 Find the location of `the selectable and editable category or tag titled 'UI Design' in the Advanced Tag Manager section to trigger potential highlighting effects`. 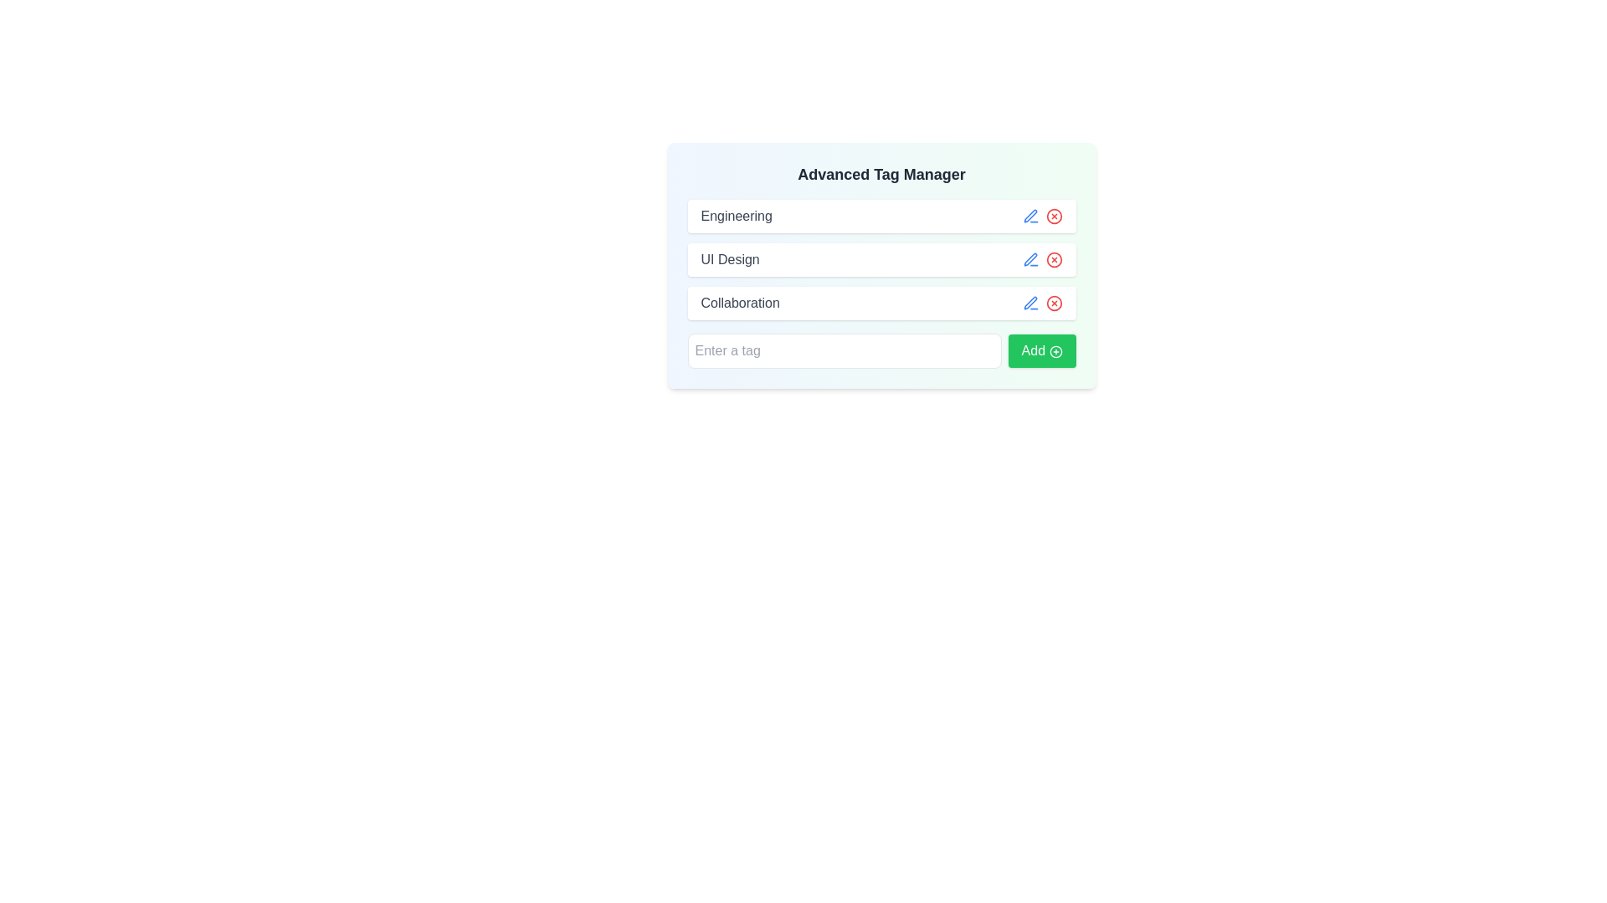

the selectable and editable category or tag titled 'UI Design' in the Advanced Tag Manager section to trigger potential highlighting effects is located at coordinates (881, 260).